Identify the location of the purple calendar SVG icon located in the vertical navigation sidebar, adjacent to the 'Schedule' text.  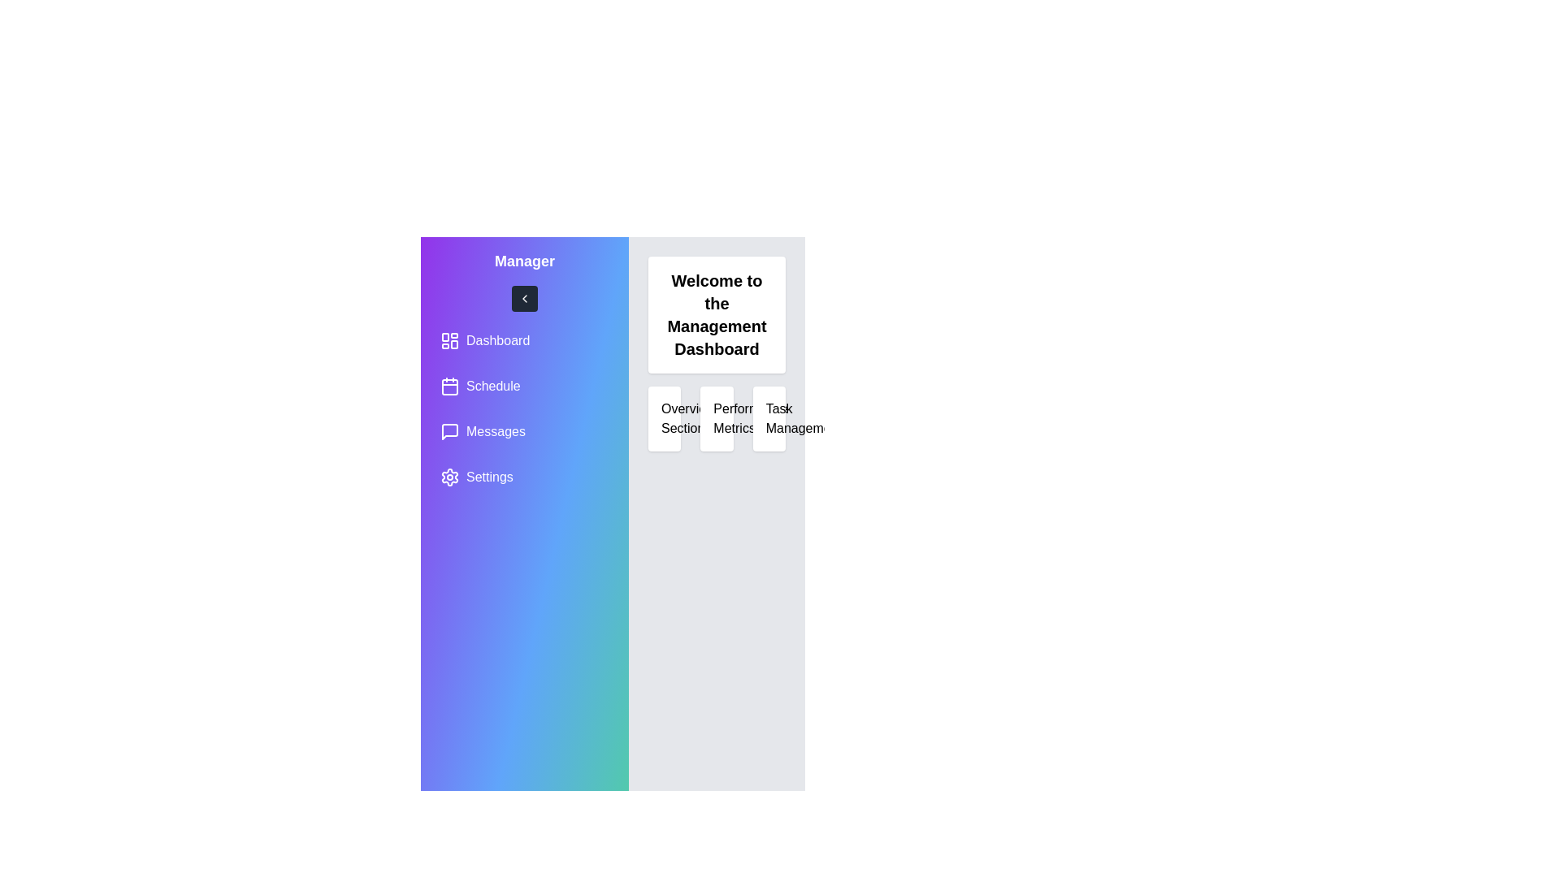
(449, 386).